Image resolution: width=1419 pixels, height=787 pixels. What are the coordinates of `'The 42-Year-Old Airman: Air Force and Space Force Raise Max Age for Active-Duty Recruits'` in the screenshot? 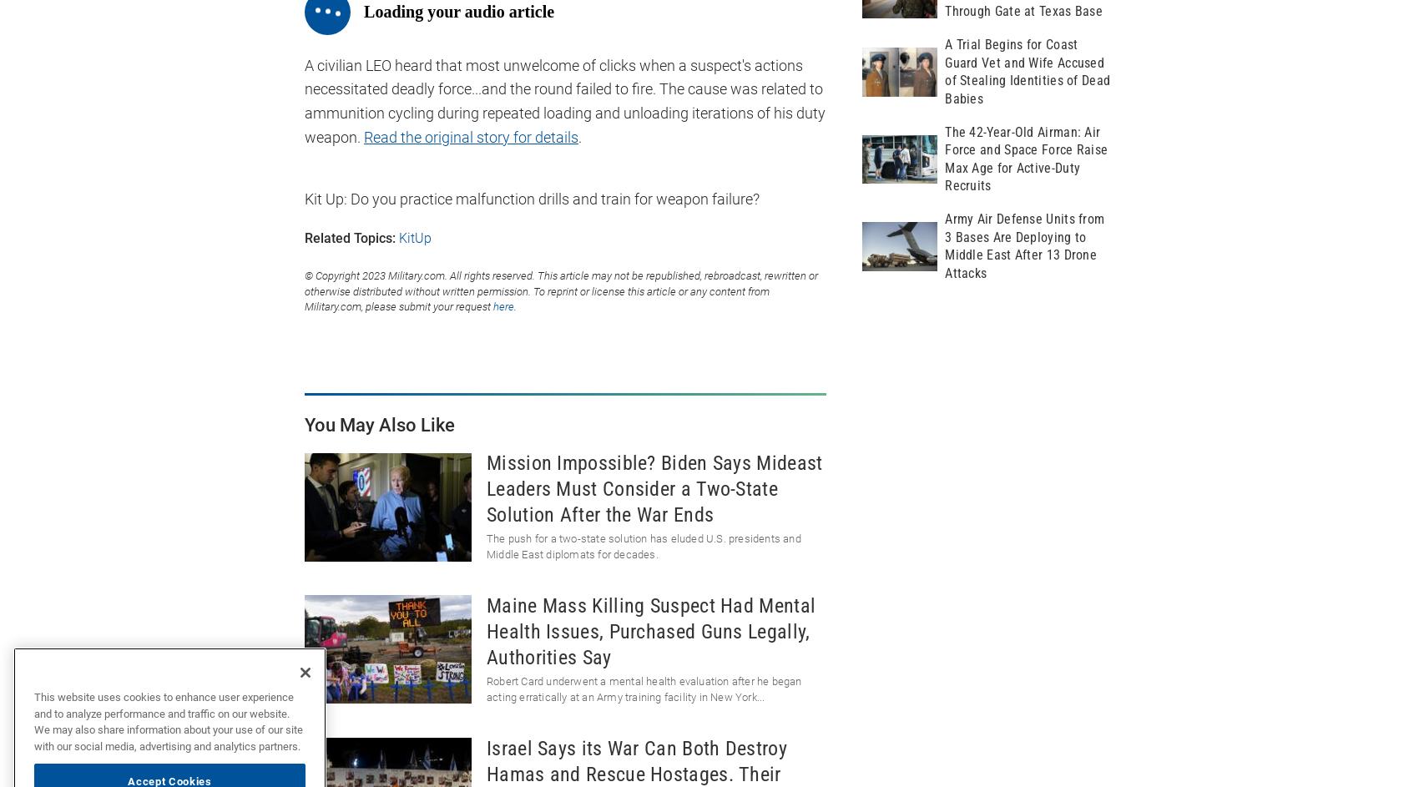 It's located at (1025, 158).